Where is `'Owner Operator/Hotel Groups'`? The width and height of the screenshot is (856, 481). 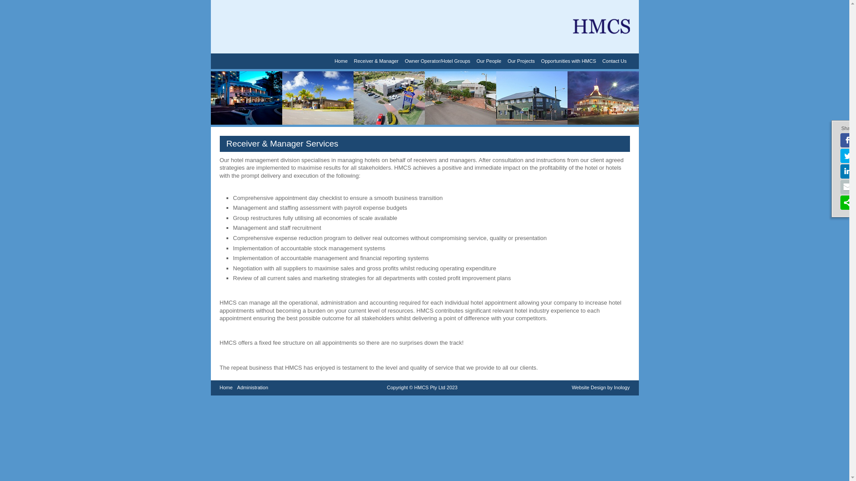
'Owner Operator/Hotel Groups' is located at coordinates (404, 61).